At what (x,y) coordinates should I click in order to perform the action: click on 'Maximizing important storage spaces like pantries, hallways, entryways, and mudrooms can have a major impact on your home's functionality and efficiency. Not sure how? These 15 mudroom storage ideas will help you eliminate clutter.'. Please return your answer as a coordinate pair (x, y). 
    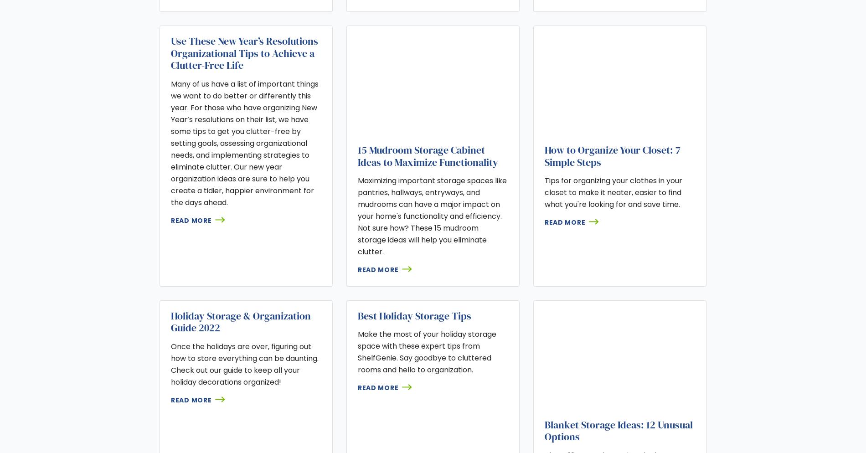
    Looking at the image, I should click on (431, 216).